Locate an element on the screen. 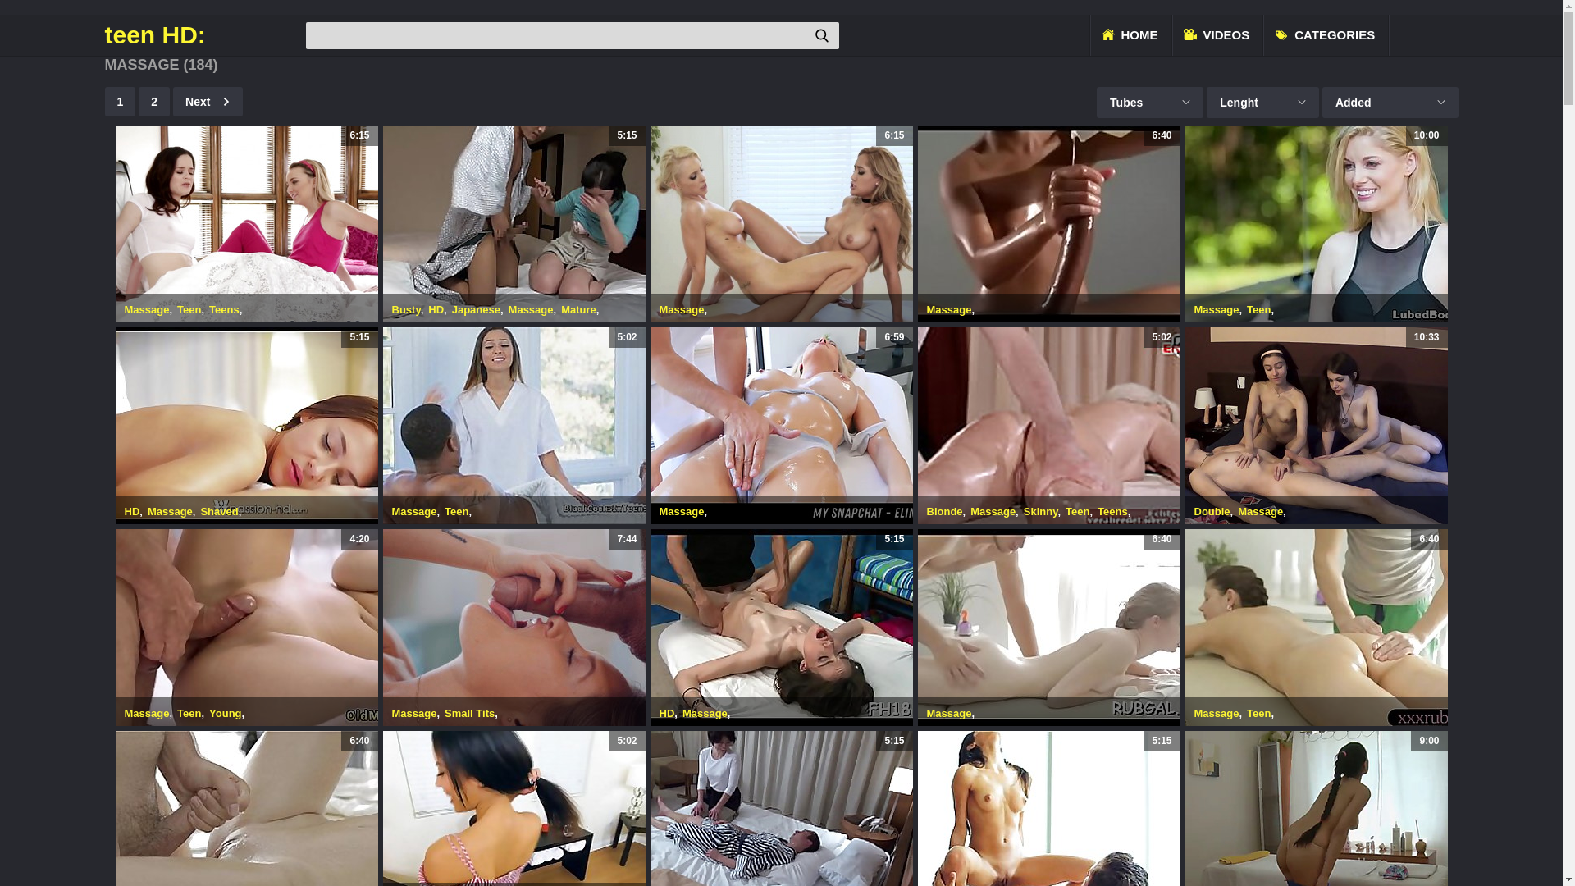  'Next' is located at coordinates (207, 101).